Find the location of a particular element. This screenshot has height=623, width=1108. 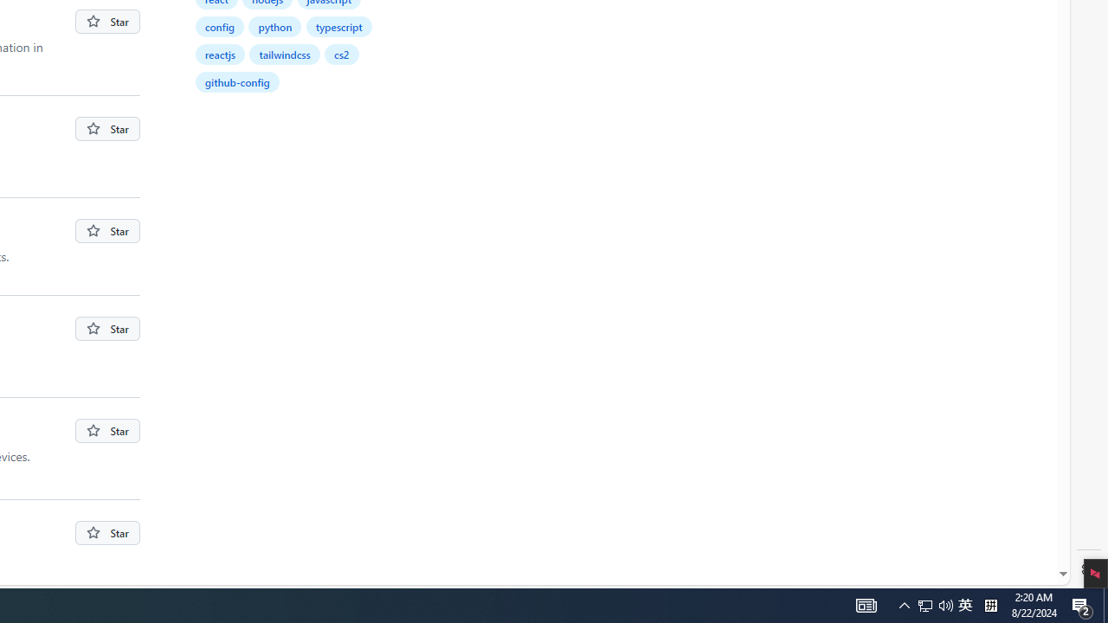

'cs2' is located at coordinates (343, 53).